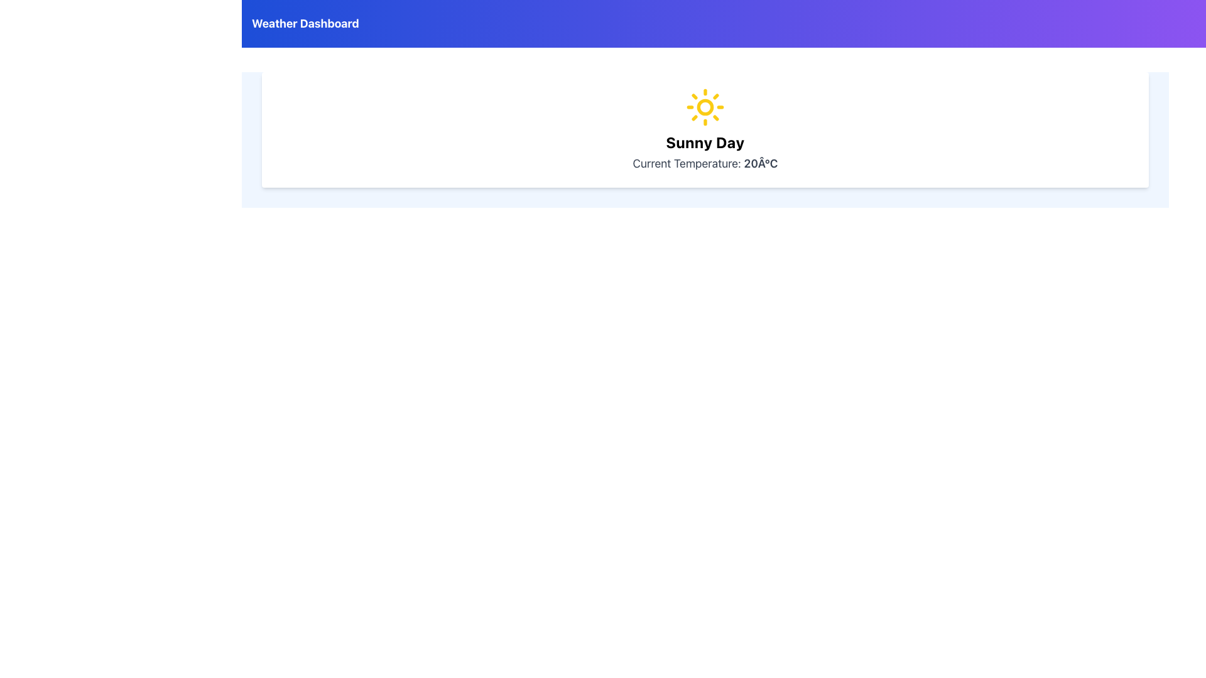  I want to click on the bold text label saying 'Sunny Day' prominently displayed in black font, located underneath a sun icon and above the subtitle 'Current Temperature: 20Â°C', so click(705, 142).